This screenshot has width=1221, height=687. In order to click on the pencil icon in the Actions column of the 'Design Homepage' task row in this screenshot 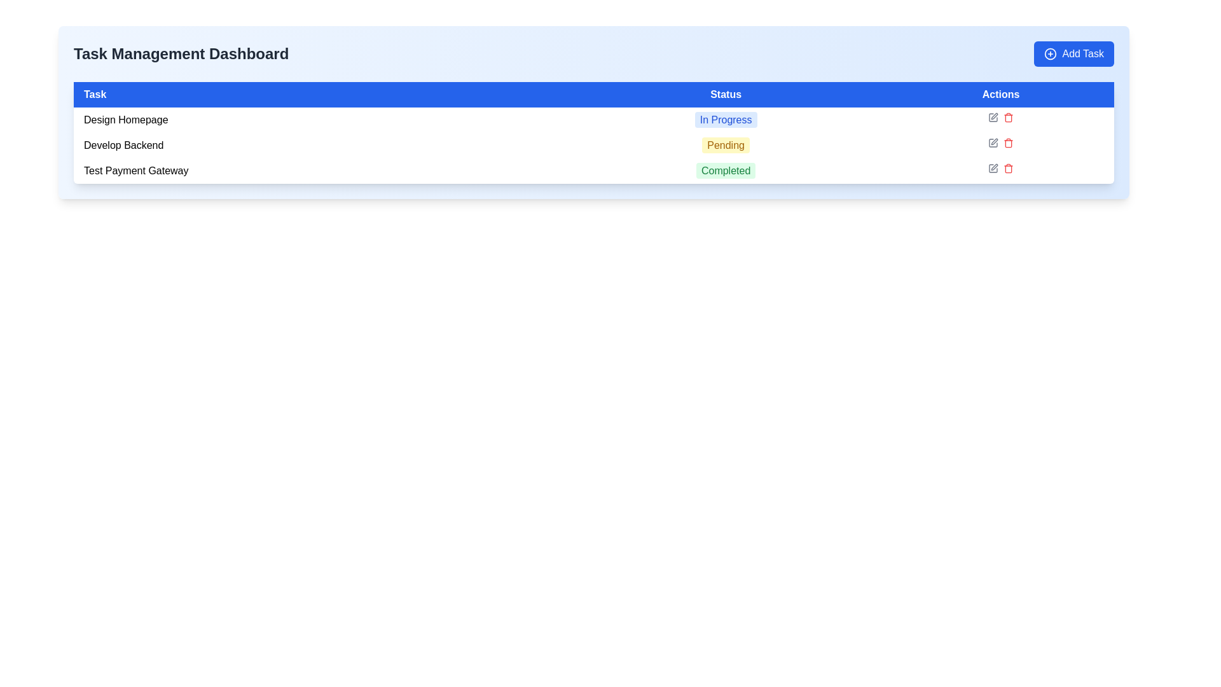, I will do `click(1000, 118)`.